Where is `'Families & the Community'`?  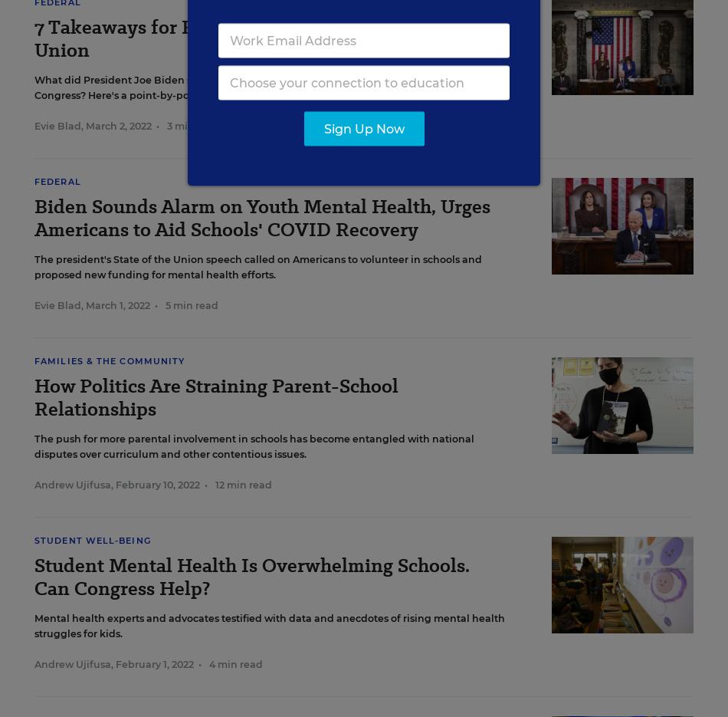
'Families & the Community' is located at coordinates (34, 360).